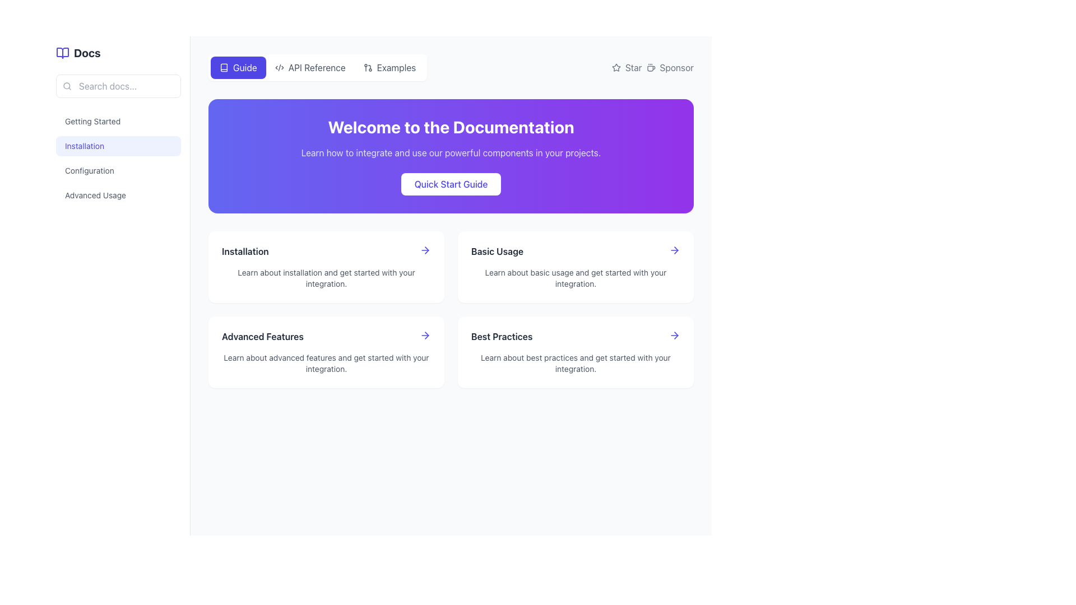 The image size is (1076, 605). Describe the element at coordinates (451, 183) in the screenshot. I see `the button labeled 'Quick Start Guide' with rounded corners, located below the subtitle 'Learn how to integrate and use our powerful components in your projects.'` at that location.